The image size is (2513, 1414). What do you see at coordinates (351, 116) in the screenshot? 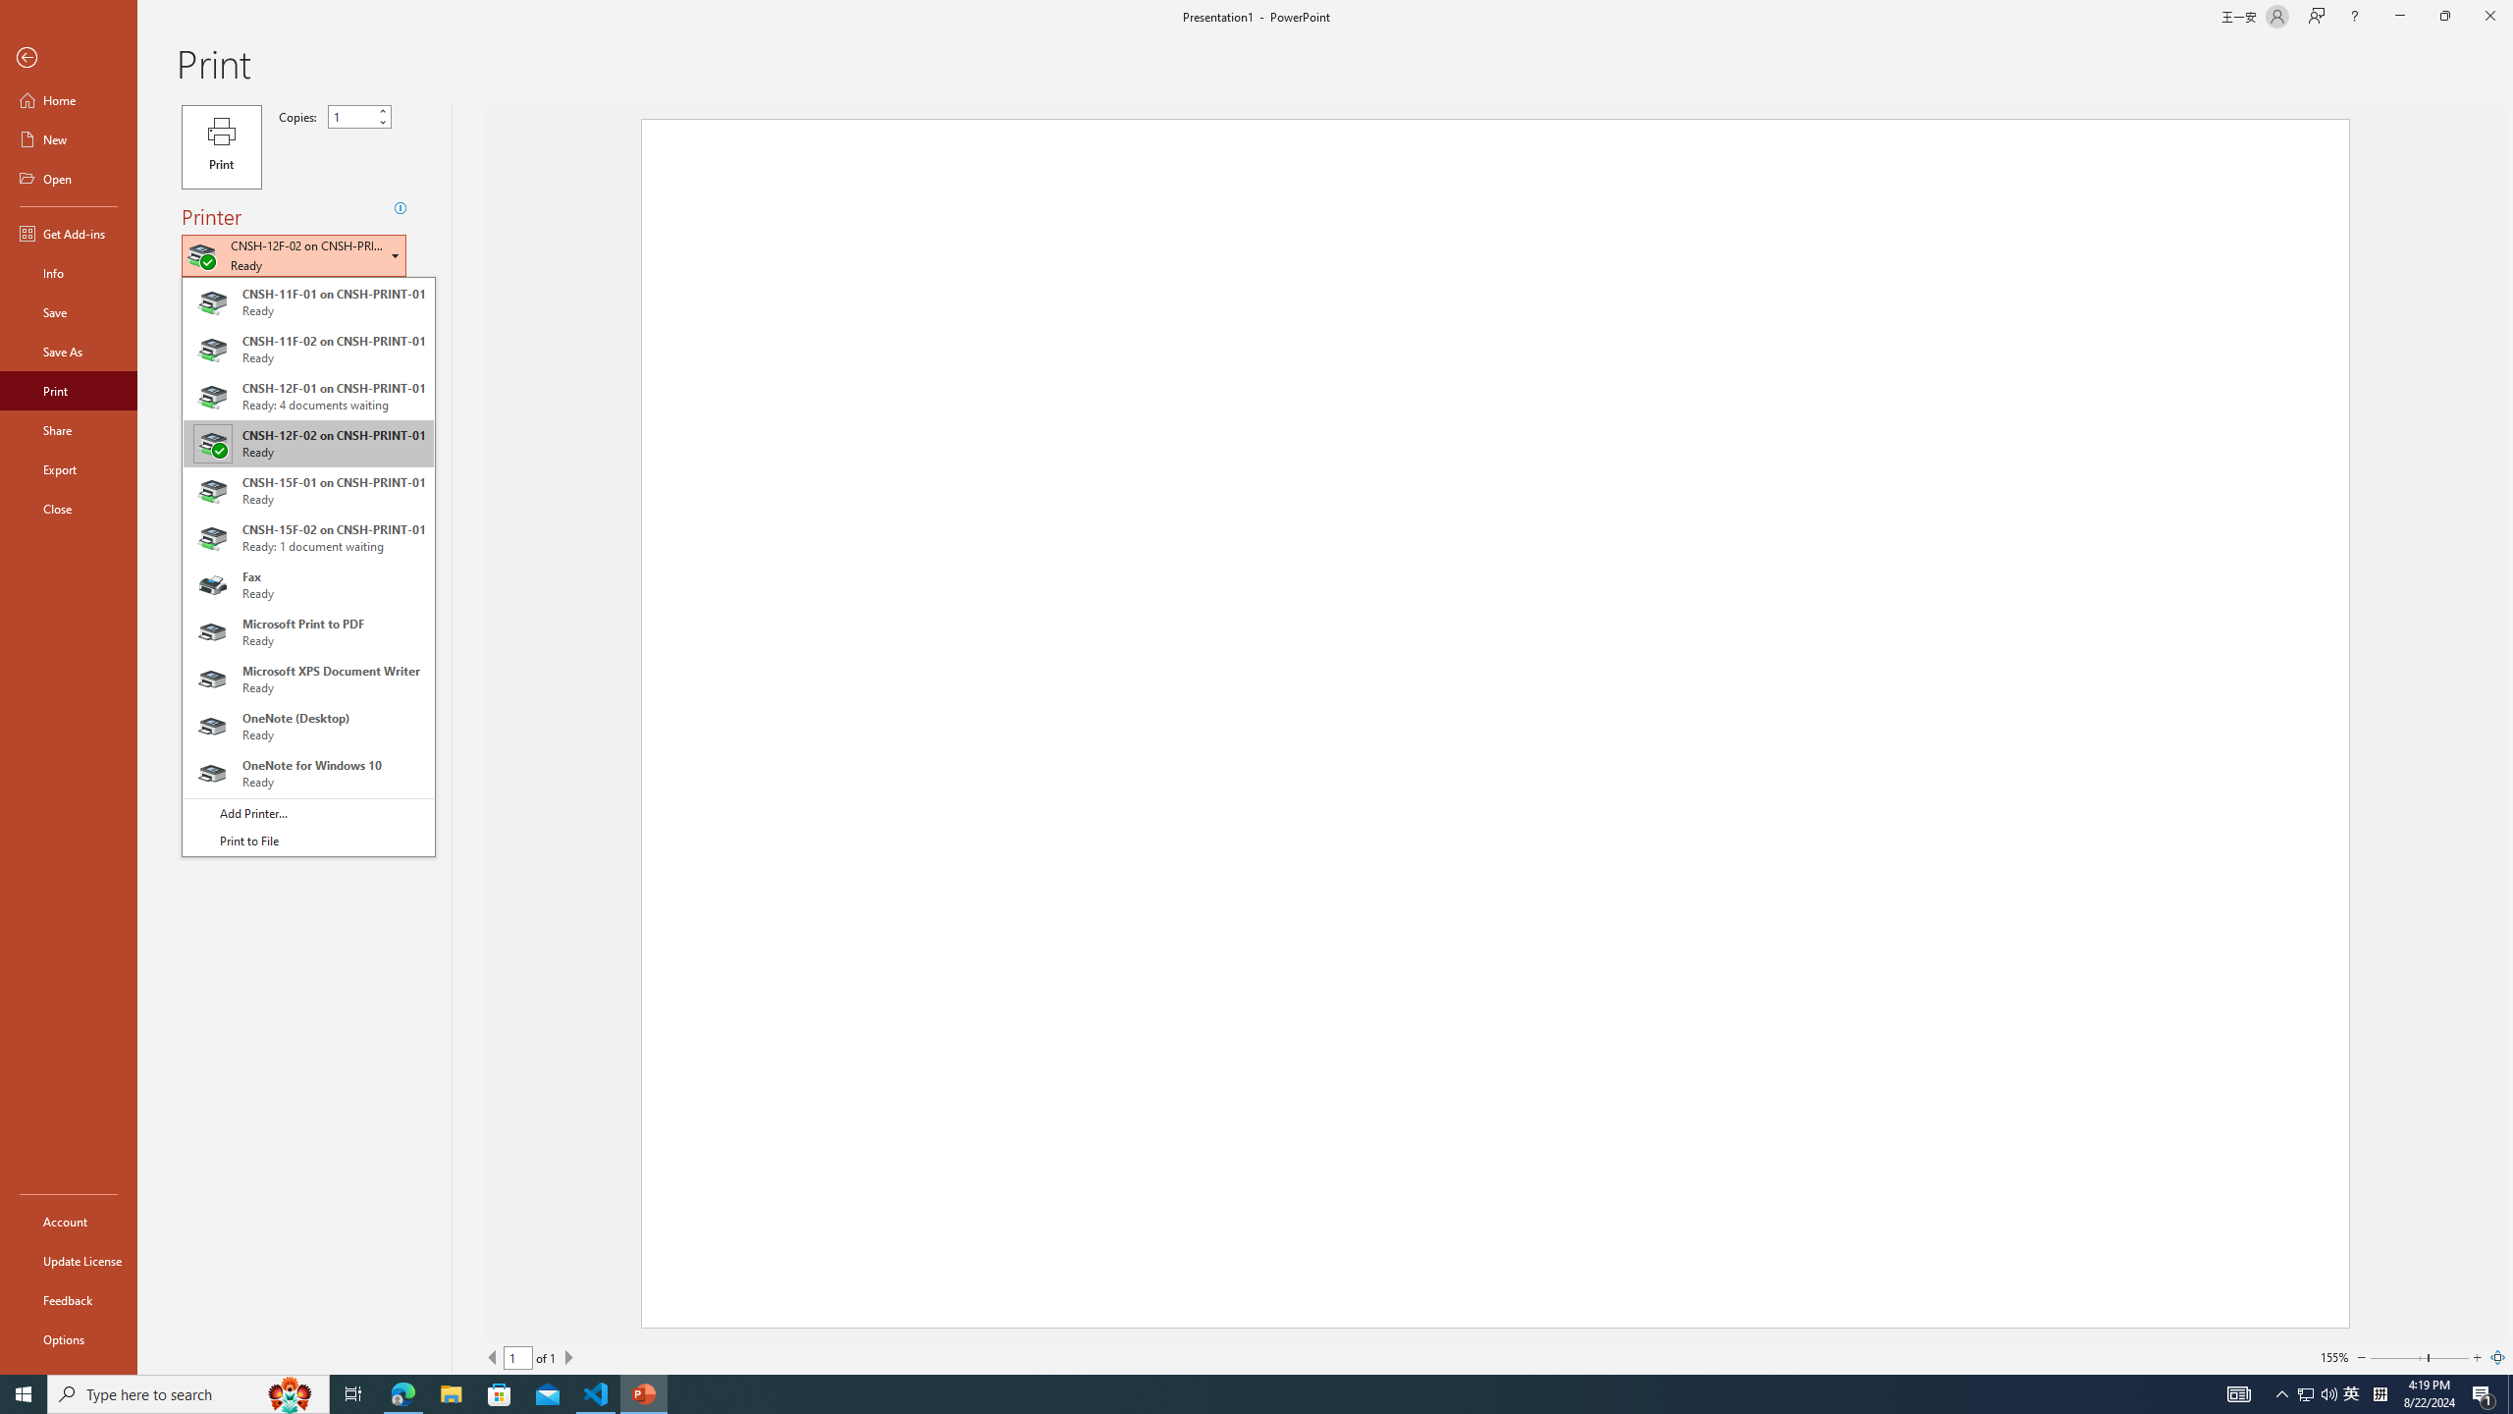
I see `'Copies'` at bounding box center [351, 116].